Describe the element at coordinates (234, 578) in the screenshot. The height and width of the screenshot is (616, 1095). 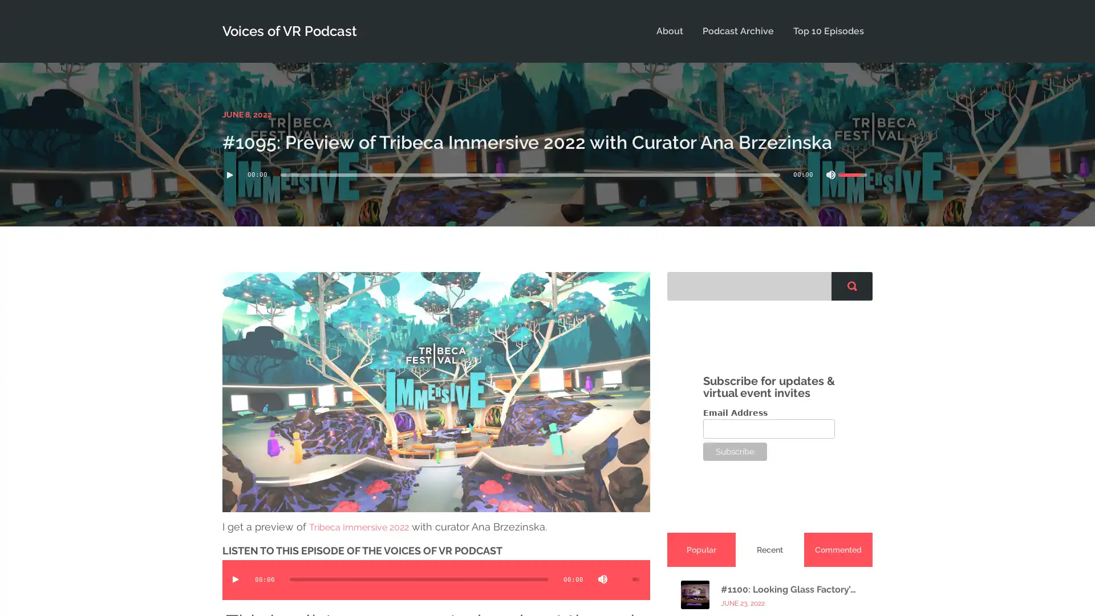
I see `Play/Pause` at that location.